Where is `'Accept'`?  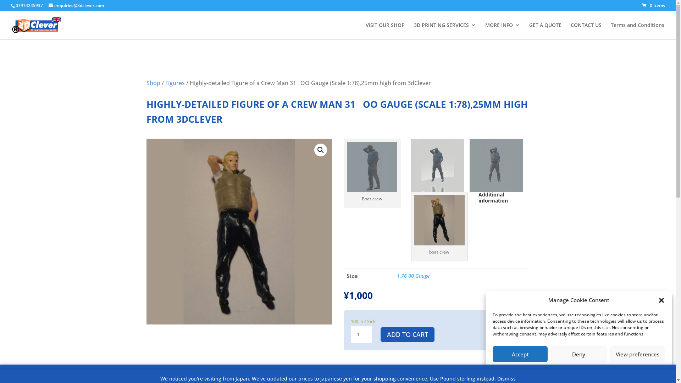 'Accept' is located at coordinates (520, 354).